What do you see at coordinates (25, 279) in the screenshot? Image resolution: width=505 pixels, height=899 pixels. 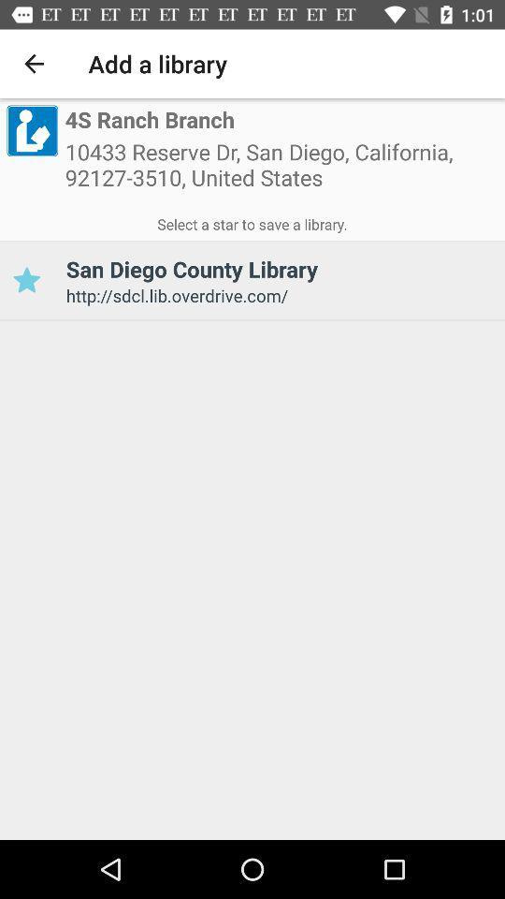 I see `favorite` at bounding box center [25, 279].